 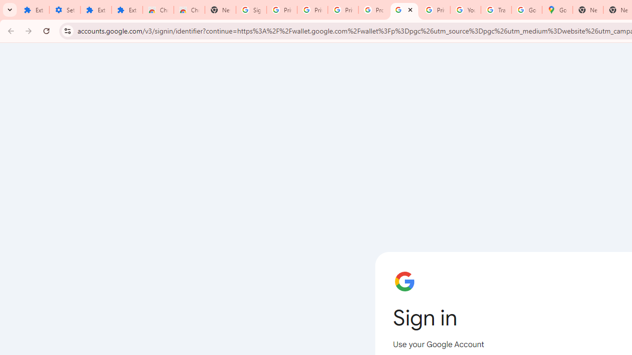 I want to click on 'Chrome Web Store - Themes', so click(x=189, y=10).